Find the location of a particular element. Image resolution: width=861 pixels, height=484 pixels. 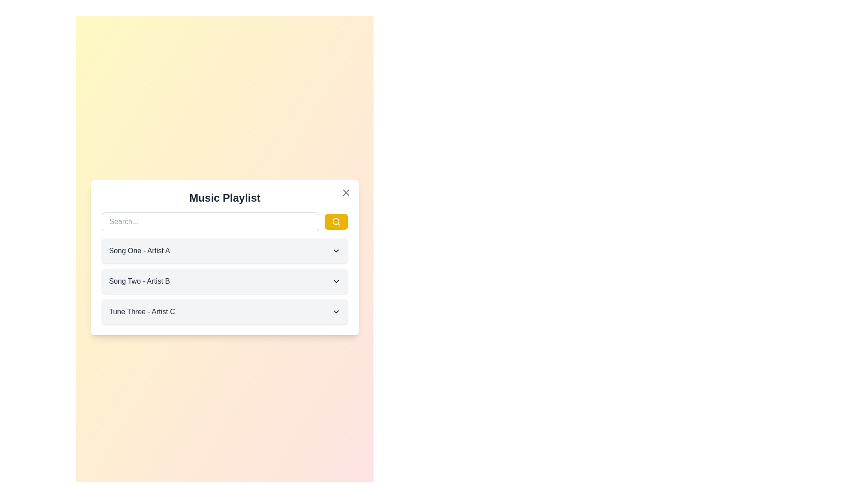

the text label displaying 'Tune Three - Artist C' in the music playlist interface is located at coordinates (141, 311).